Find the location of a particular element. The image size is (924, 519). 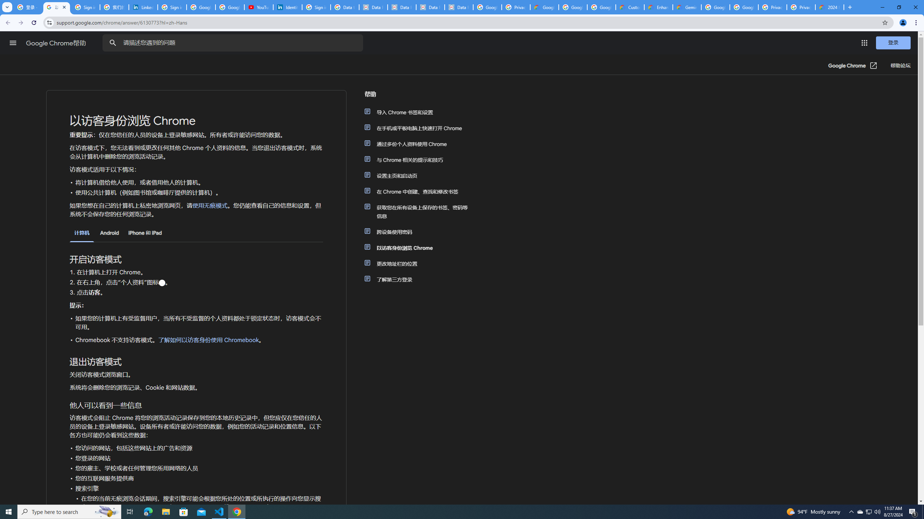

'Gemini for Business and Developers | Google Cloud' is located at coordinates (687, 7).